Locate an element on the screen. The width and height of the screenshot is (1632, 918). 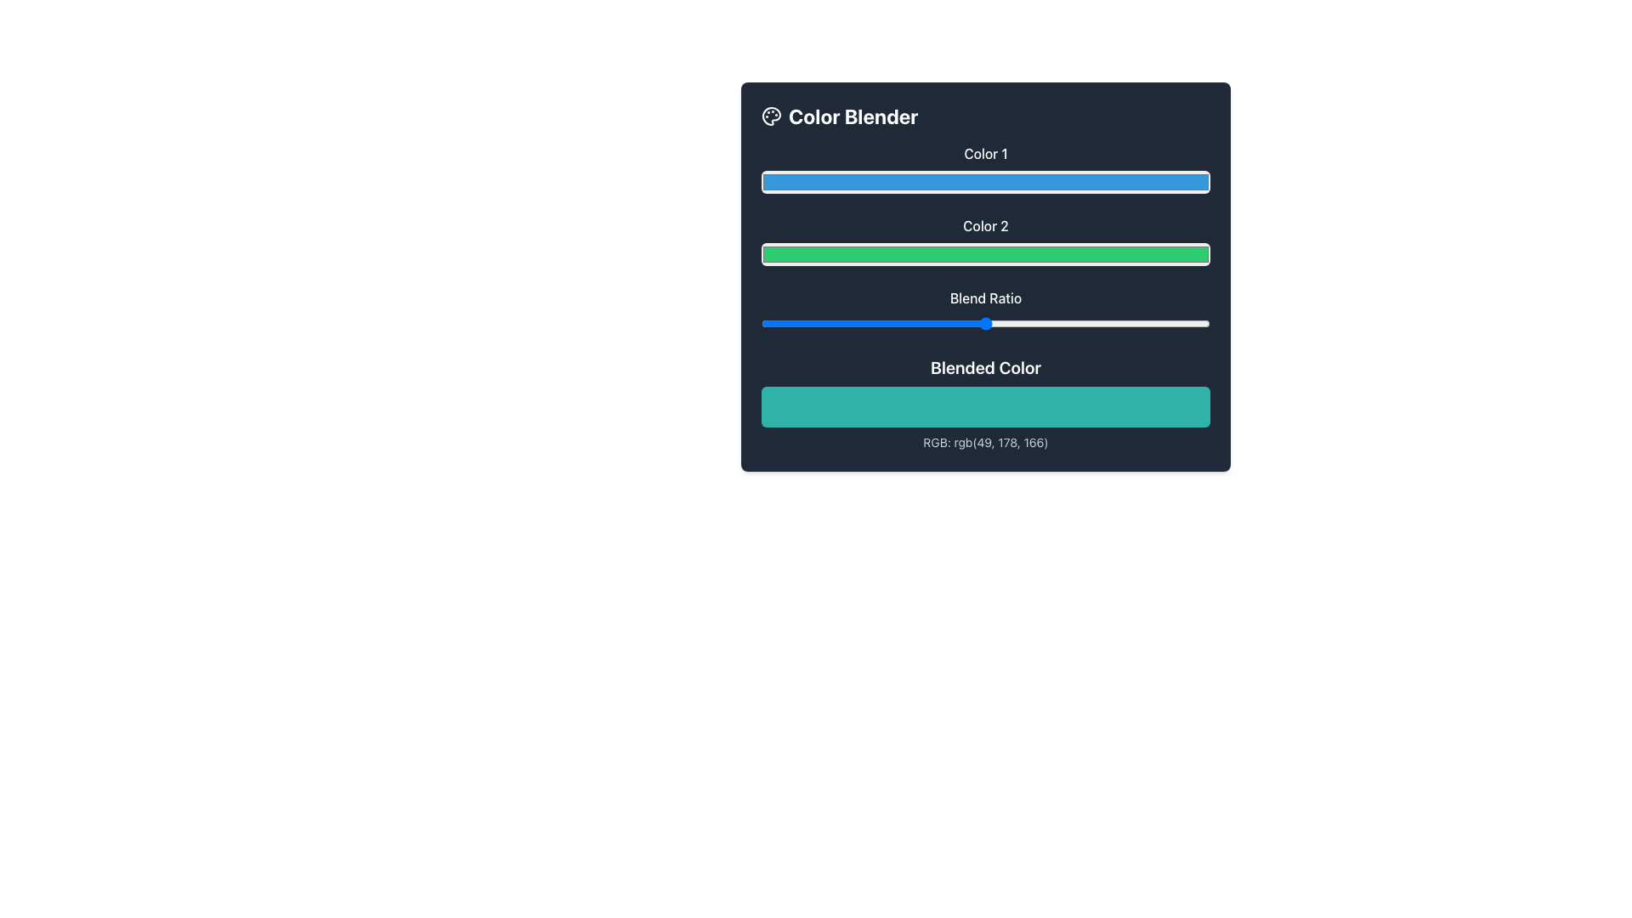
the Blend Ratio slider is located at coordinates (847, 324).